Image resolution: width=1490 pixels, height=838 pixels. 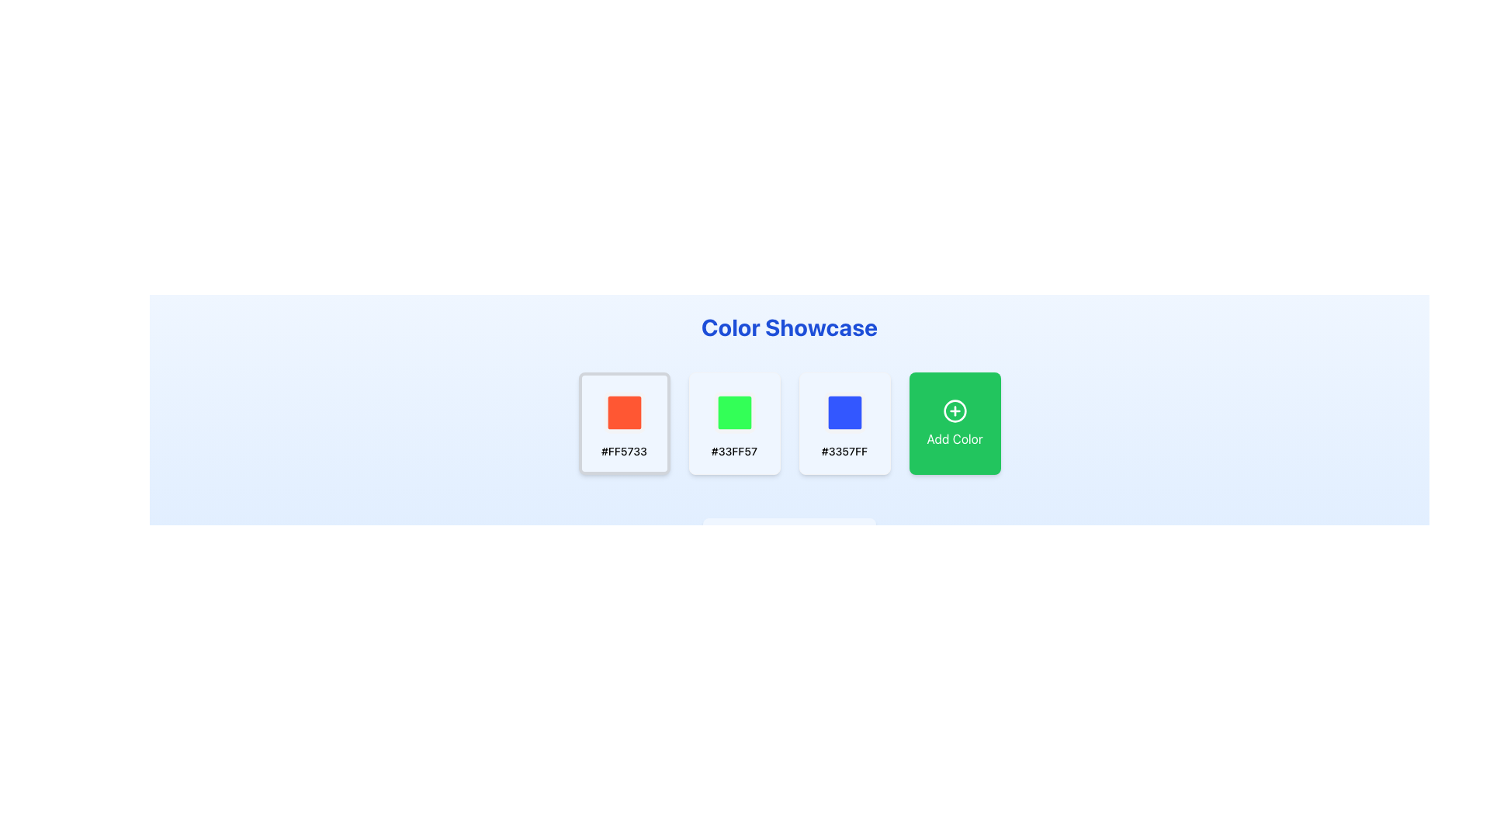 What do you see at coordinates (624, 424) in the screenshot?
I see `the visual display card component with a light blue background, rounded corners, and an orange square icon at the top, positioned at the far left of the row` at bounding box center [624, 424].